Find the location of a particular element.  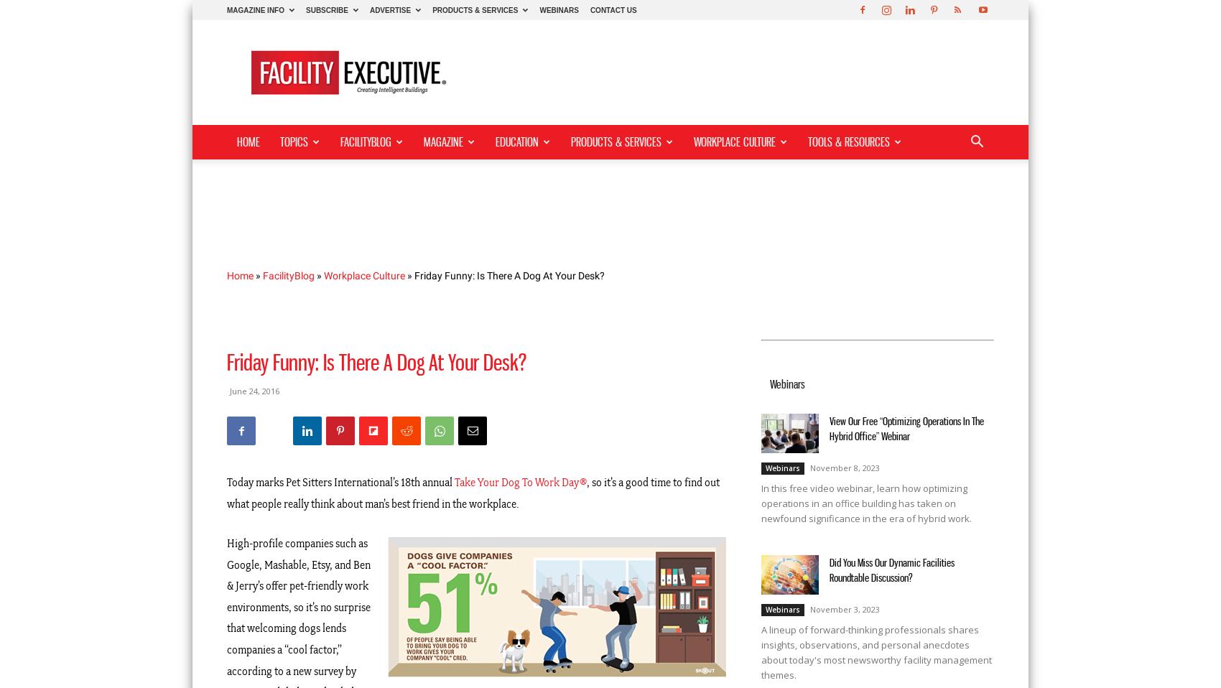

'Workplace Culture' is located at coordinates (364, 274).